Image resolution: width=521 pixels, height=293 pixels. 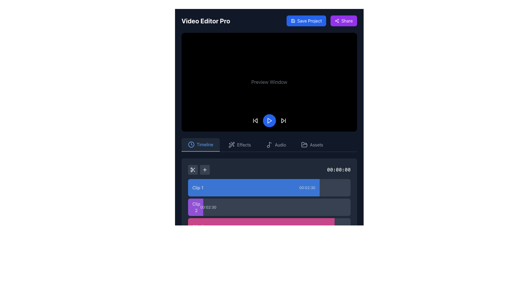 What do you see at coordinates (276, 144) in the screenshot?
I see `the 'Audio' button in the horizontal navigation bar to observe its hover effects` at bounding box center [276, 144].